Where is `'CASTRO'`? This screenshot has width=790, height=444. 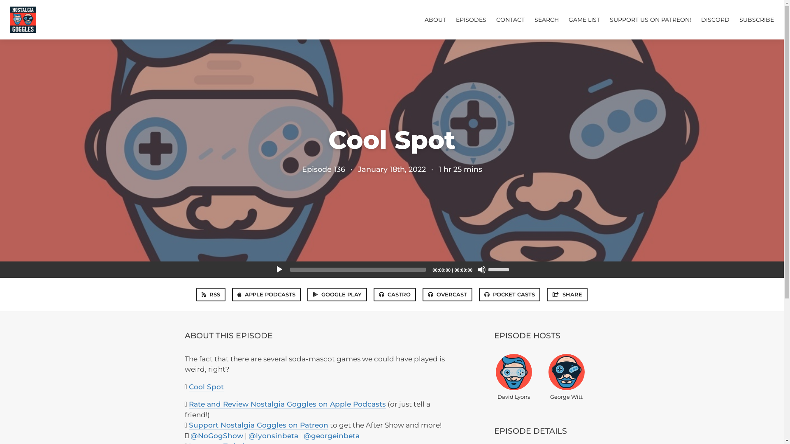 'CASTRO' is located at coordinates (394, 294).